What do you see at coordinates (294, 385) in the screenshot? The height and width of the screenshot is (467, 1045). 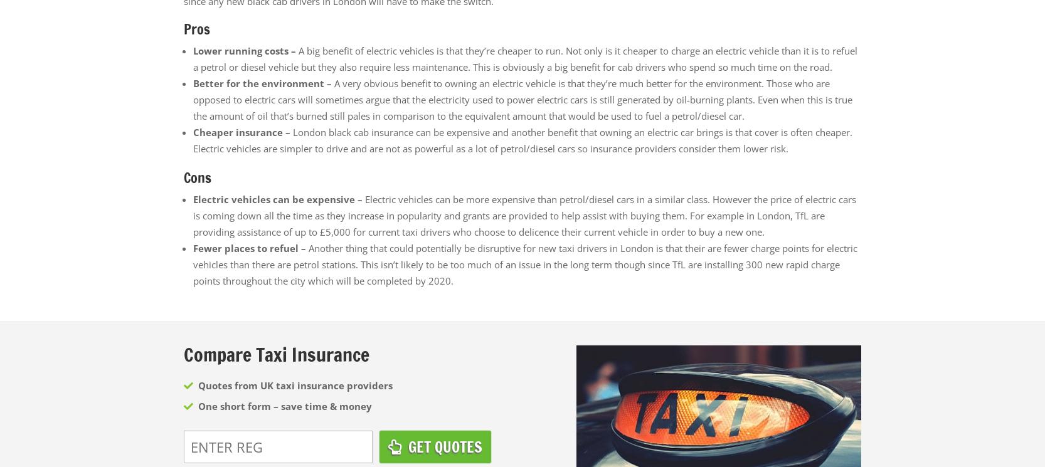 I see `'Quotes from UK taxi insurance providers'` at bounding box center [294, 385].